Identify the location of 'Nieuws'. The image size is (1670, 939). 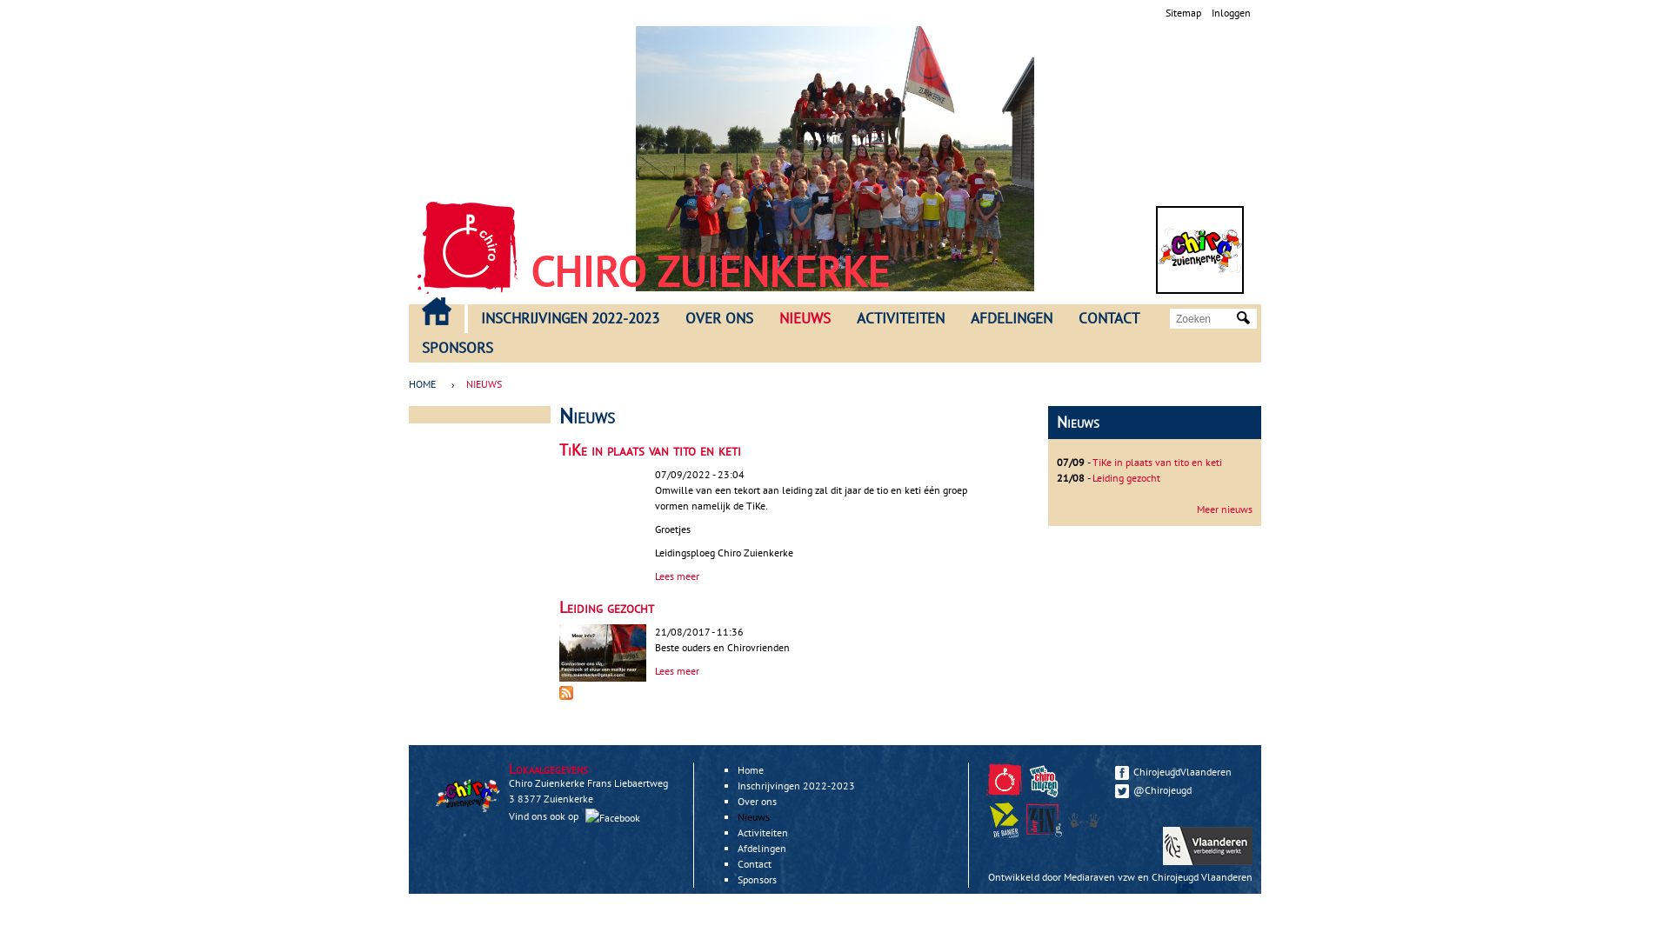
(753, 816).